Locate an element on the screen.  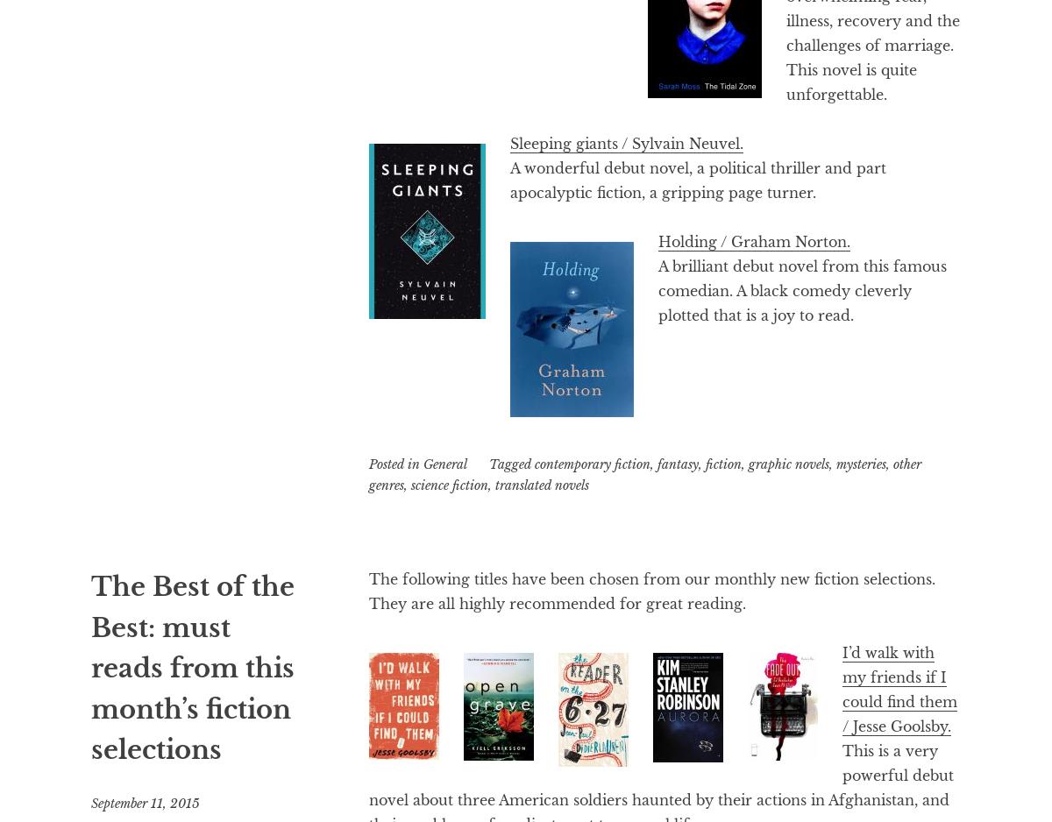
'Holding / Graham Norton.' is located at coordinates (657, 241).